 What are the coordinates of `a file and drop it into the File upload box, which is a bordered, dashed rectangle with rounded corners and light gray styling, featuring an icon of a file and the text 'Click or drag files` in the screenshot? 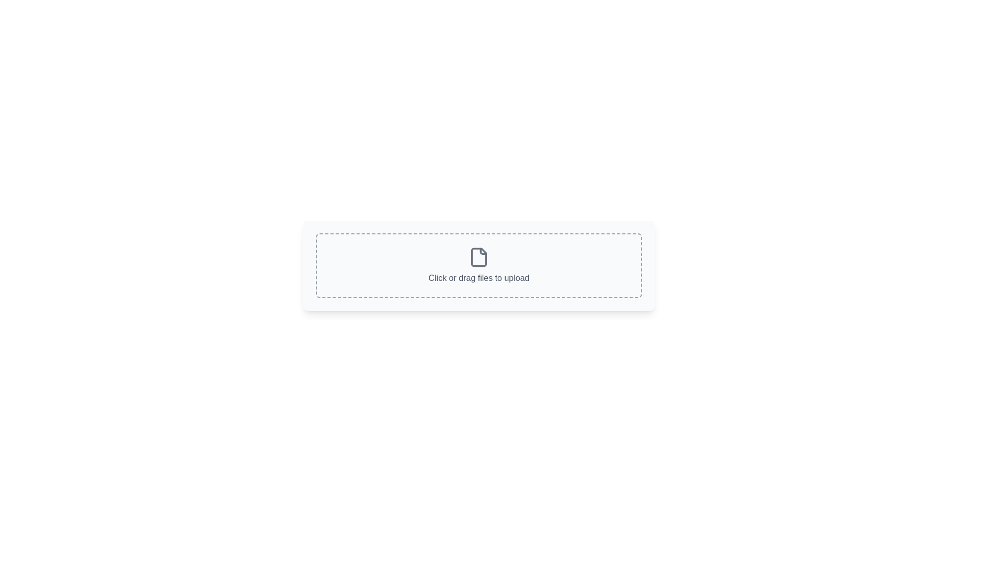 It's located at (478, 265).